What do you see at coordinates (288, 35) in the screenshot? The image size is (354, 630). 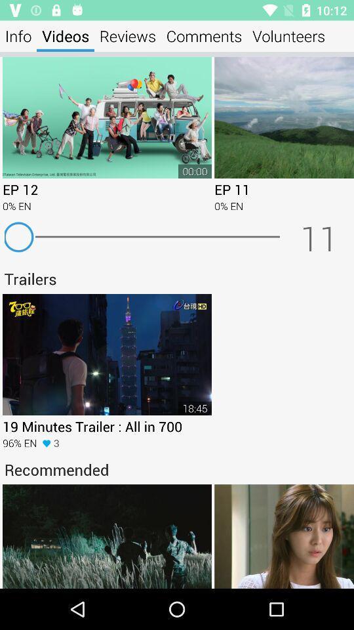 I see `the item next to the comments` at bounding box center [288, 35].